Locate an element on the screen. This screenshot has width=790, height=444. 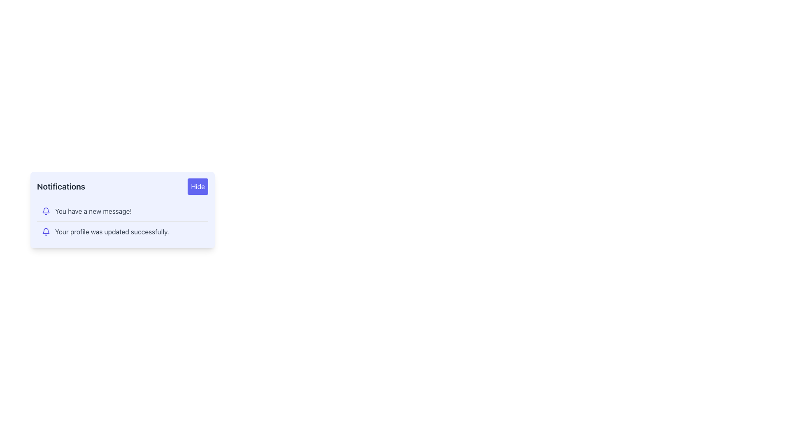
the button on the right side of the 'Notifications' text to hide the notifications panel is located at coordinates (198, 187).